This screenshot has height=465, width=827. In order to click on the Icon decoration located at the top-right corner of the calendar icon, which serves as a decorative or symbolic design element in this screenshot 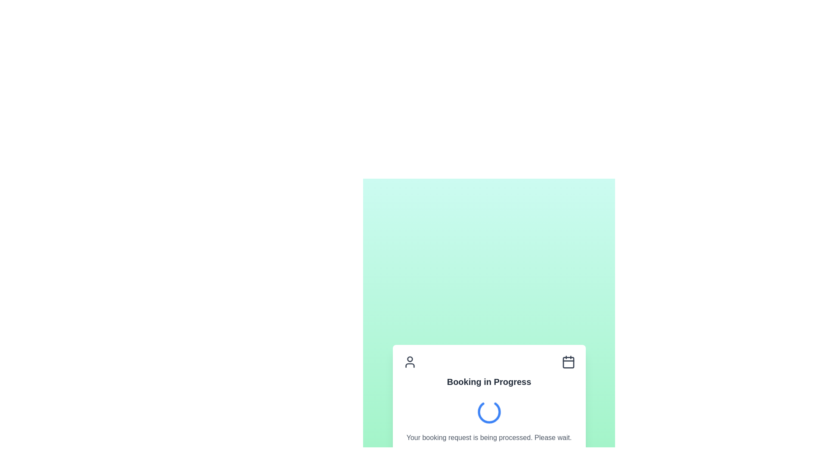, I will do `click(568, 363)`.